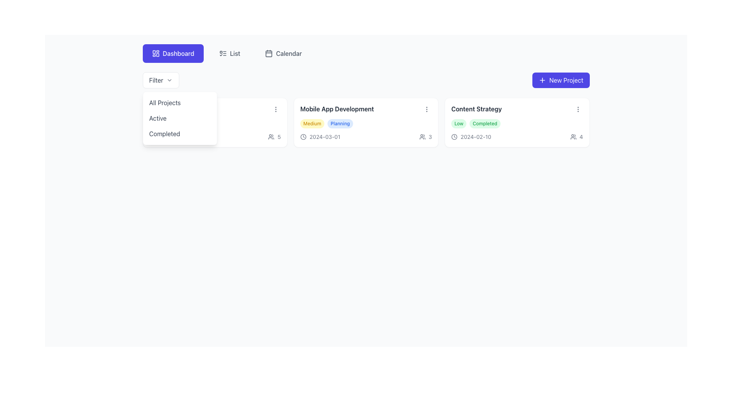 Image resolution: width=745 pixels, height=419 pixels. I want to click on text label displaying 'New Project' located within the rounded blue button in the top-right corner of the interface, so click(566, 80).